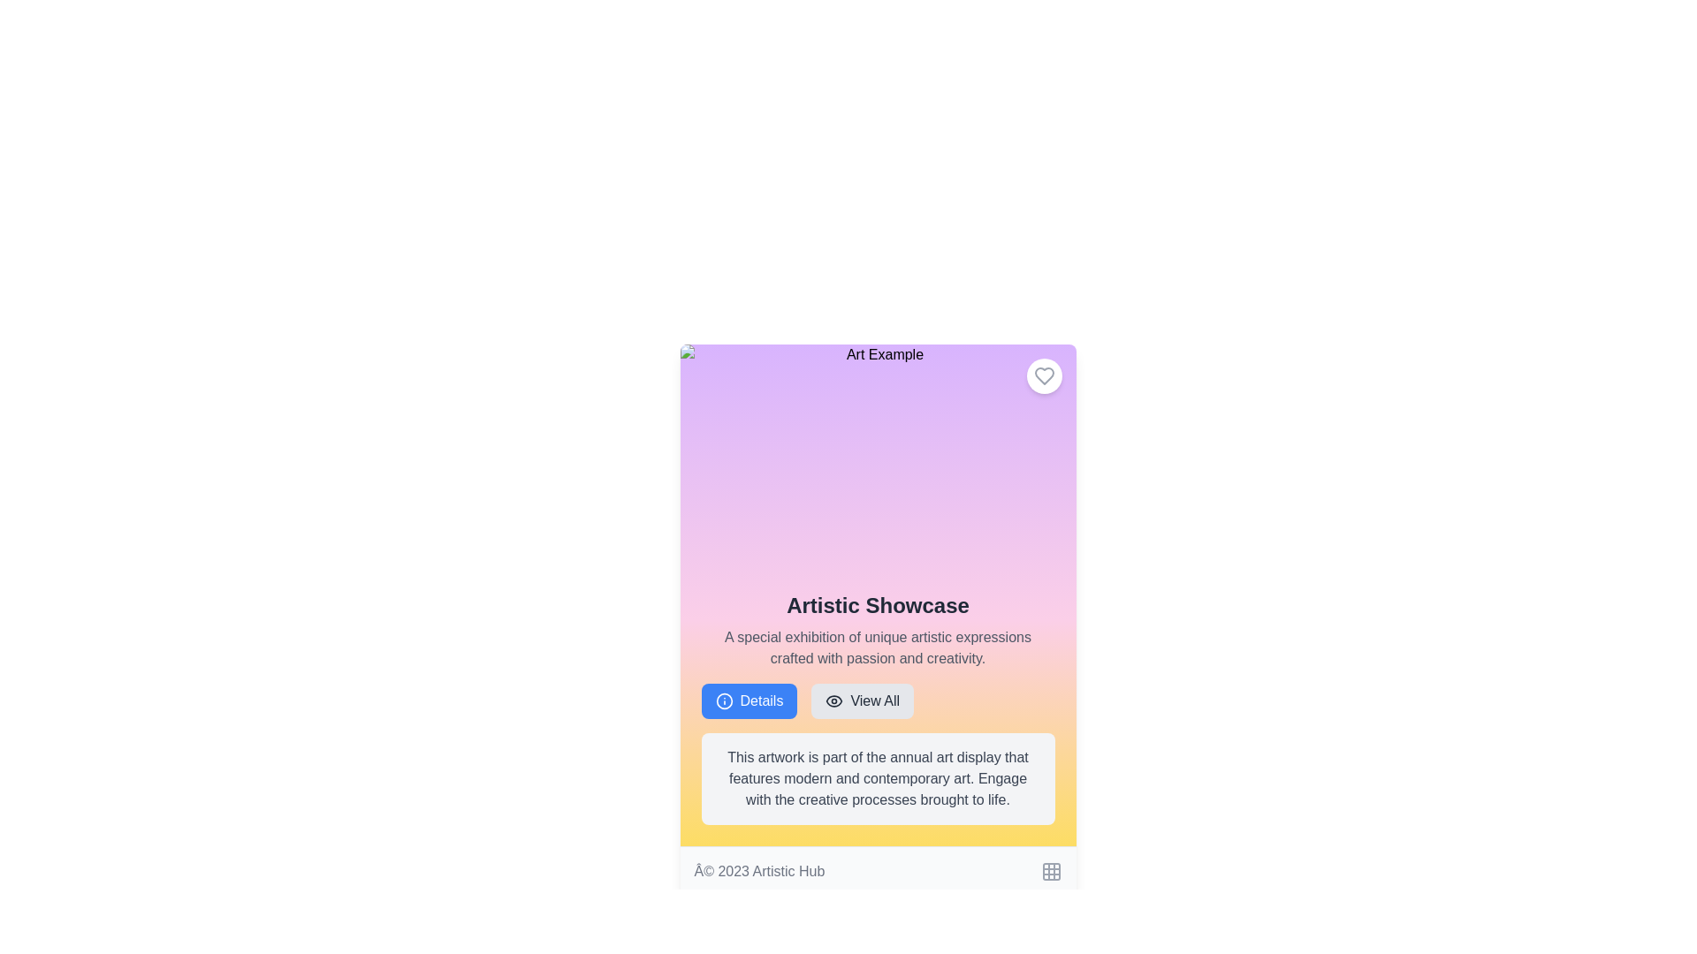 The image size is (1697, 954). What do you see at coordinates (1044, 375) in the screenshot?
I see `the heart-shaped icon indicating a 'like' or 'favorite' action located in the upper-right corner of the 'Artistic Showcase' card for any state-change indication` at bounding box center [1044, 375].